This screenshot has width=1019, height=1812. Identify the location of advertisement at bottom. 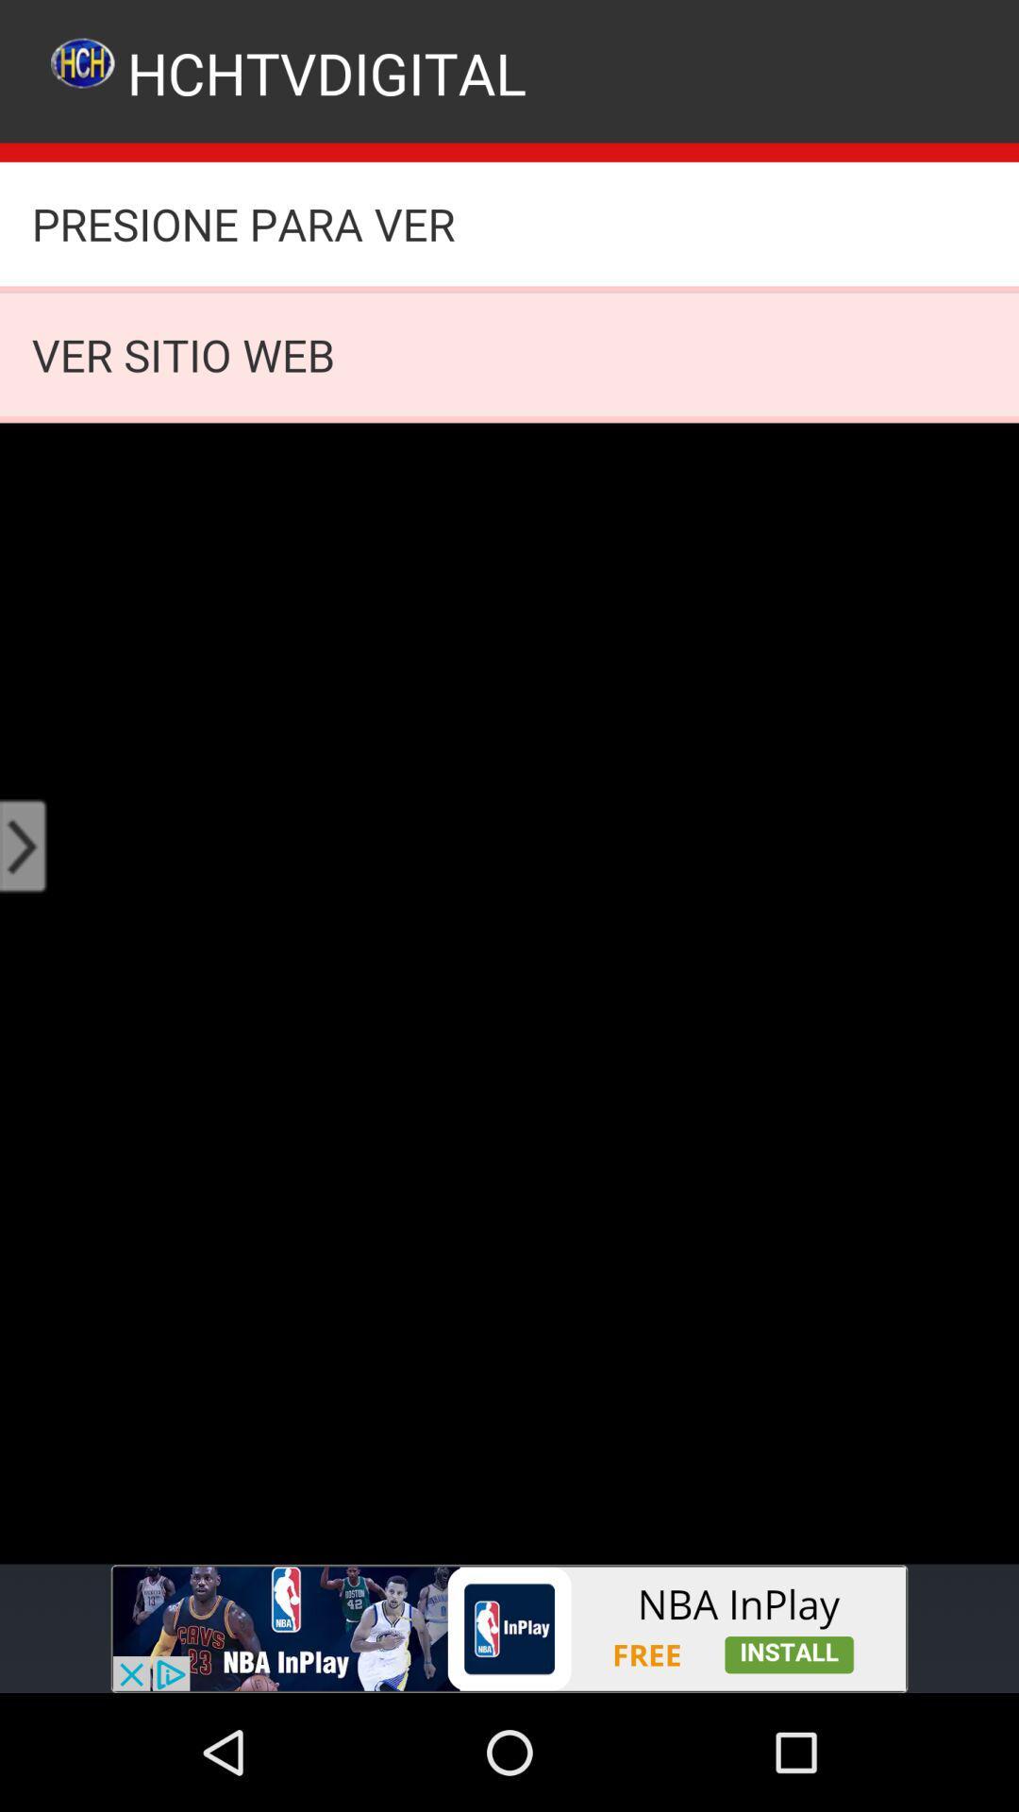
(509, 1628).